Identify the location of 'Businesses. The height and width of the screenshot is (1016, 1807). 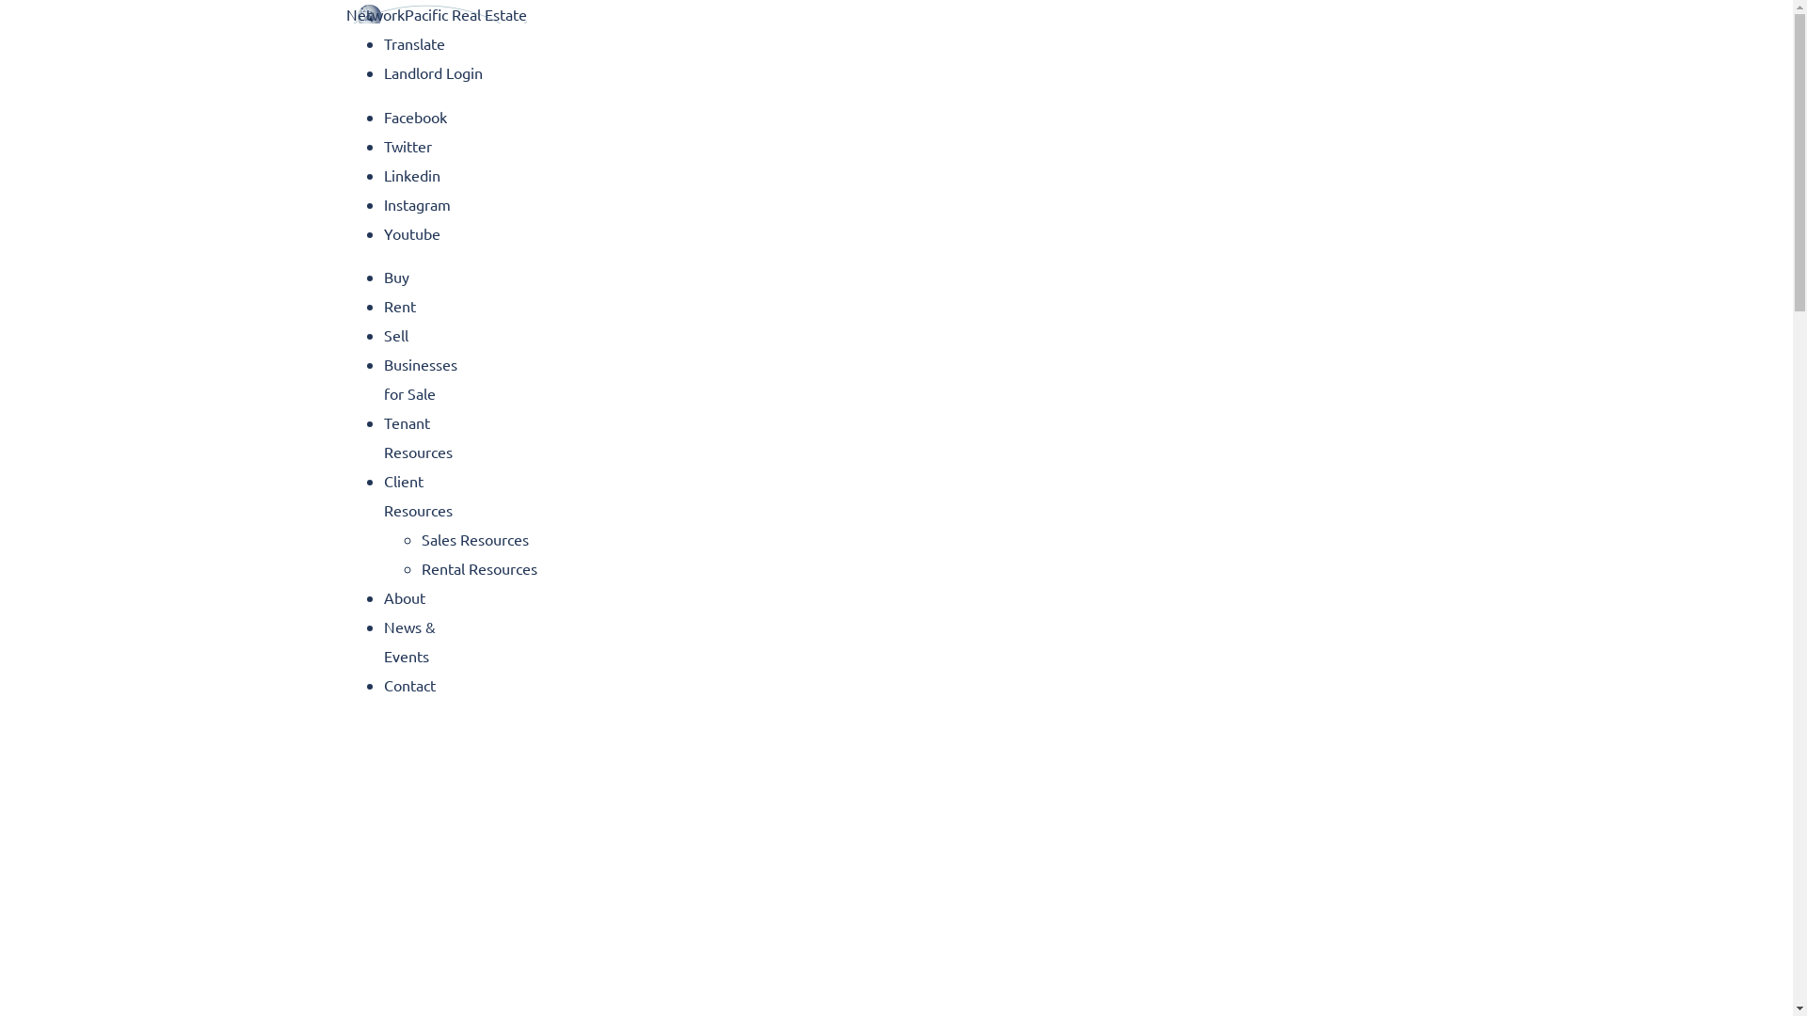
(383, 378).